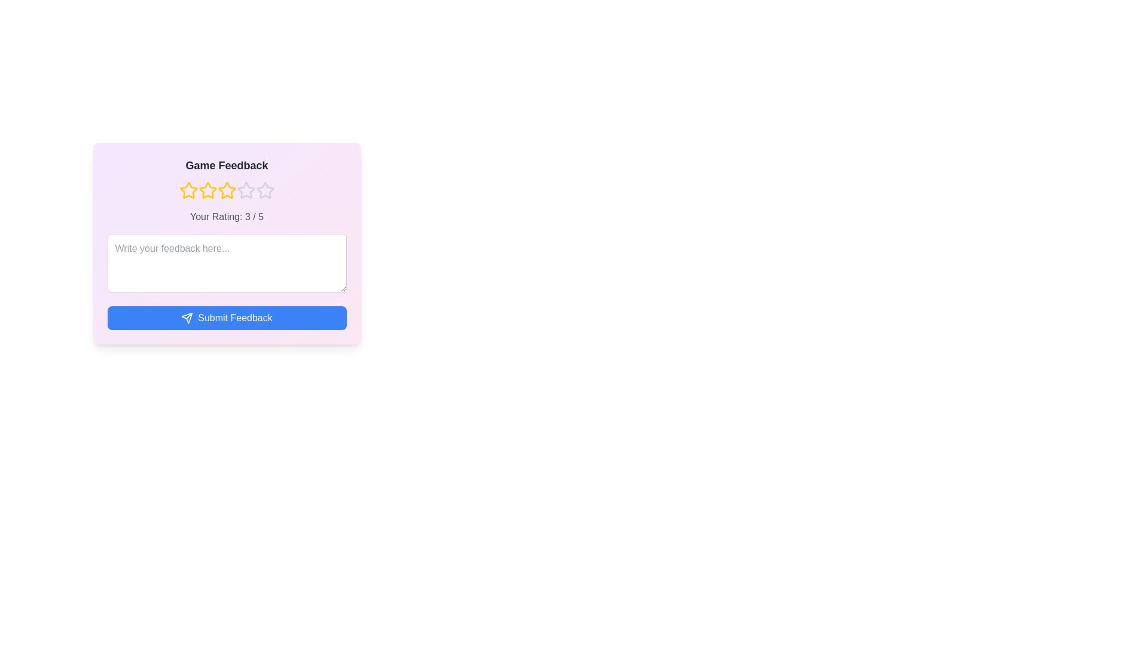  I want to click on the rating to 2 stars by clicking on the corresponding star, so click(207, 190).